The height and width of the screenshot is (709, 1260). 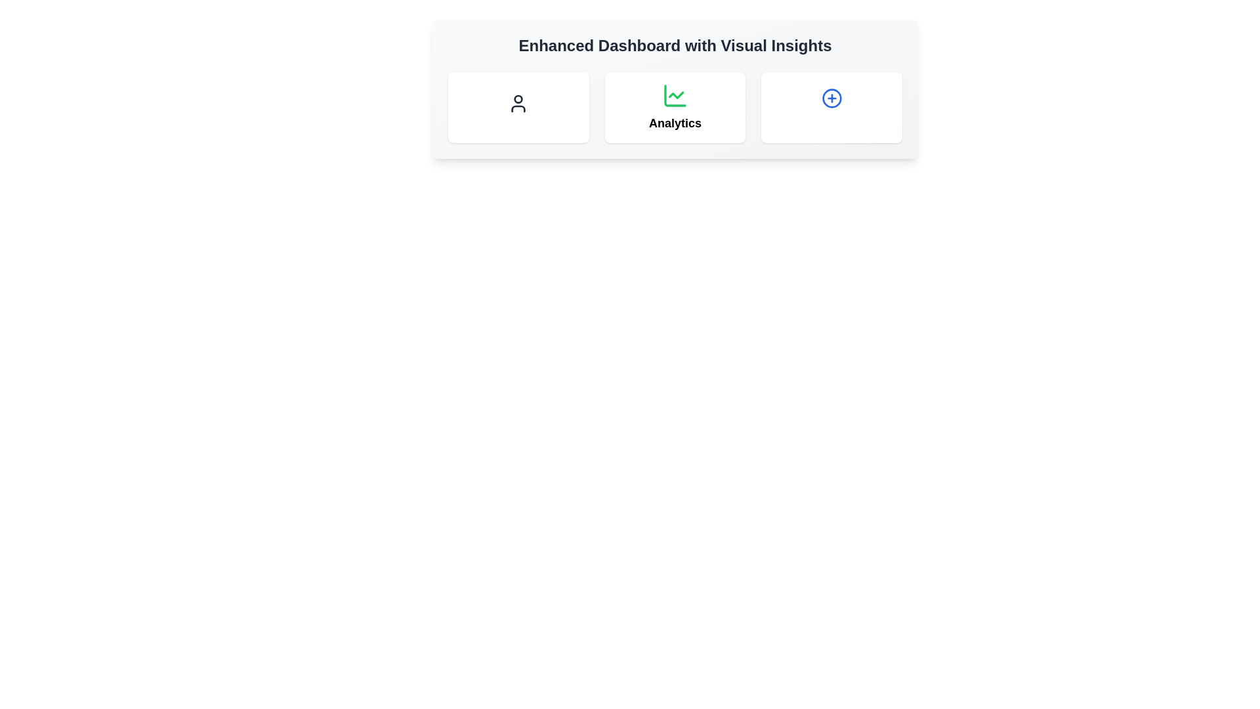 What do you see at coordinates (518, 103) in the screenshot?
I see `the leftmost button with an icon and text label` at bounding box center [518, 103].